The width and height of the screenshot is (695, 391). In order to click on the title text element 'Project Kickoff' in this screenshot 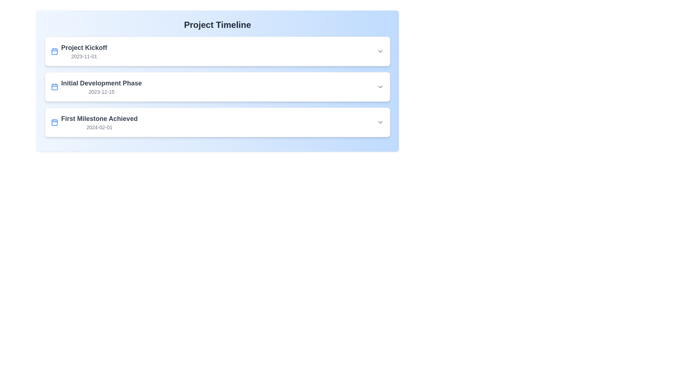, I will do `click(84, 47)`.